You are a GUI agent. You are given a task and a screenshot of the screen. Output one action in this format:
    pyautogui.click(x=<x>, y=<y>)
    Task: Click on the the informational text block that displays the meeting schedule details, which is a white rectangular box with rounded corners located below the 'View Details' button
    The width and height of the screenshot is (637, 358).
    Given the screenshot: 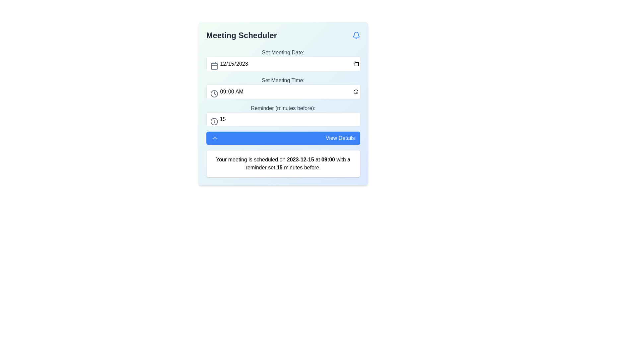 What is the action you would take?
    pyautogui.click(x=283, y=163)
    